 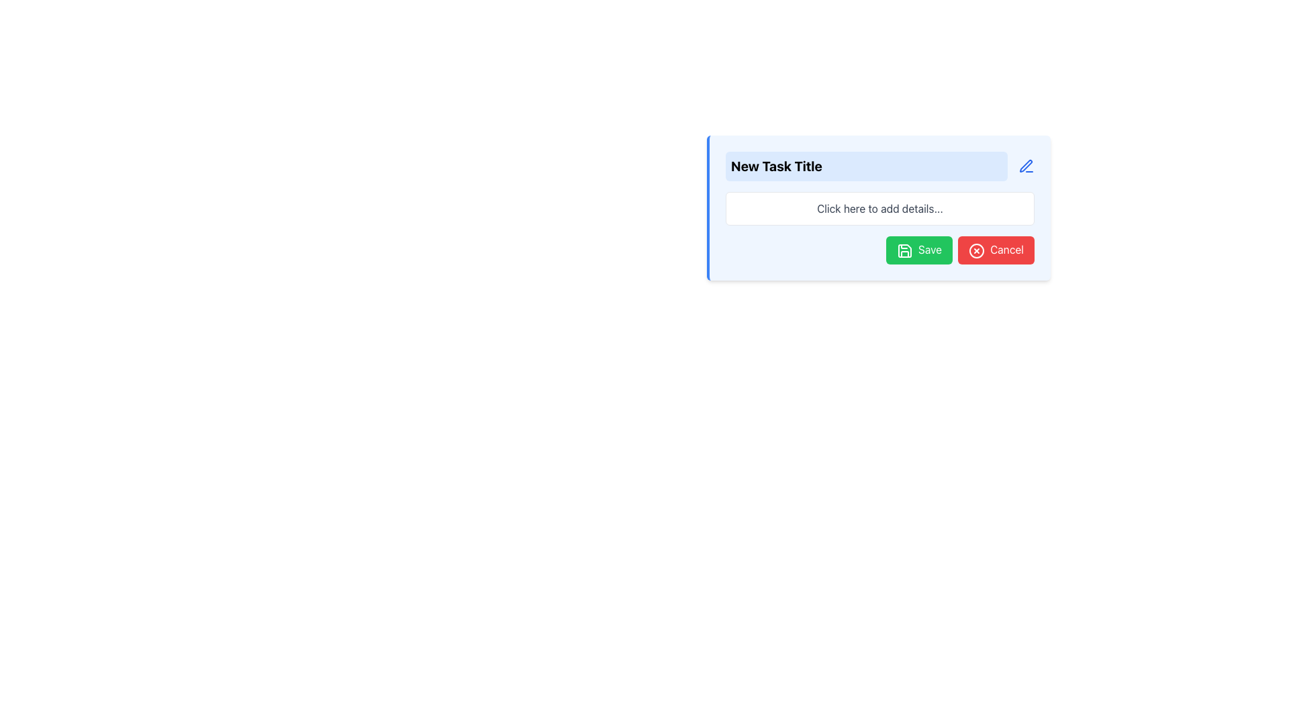 I want to click on the text input field located below 'New Task Title', so click(x=879, y=209).